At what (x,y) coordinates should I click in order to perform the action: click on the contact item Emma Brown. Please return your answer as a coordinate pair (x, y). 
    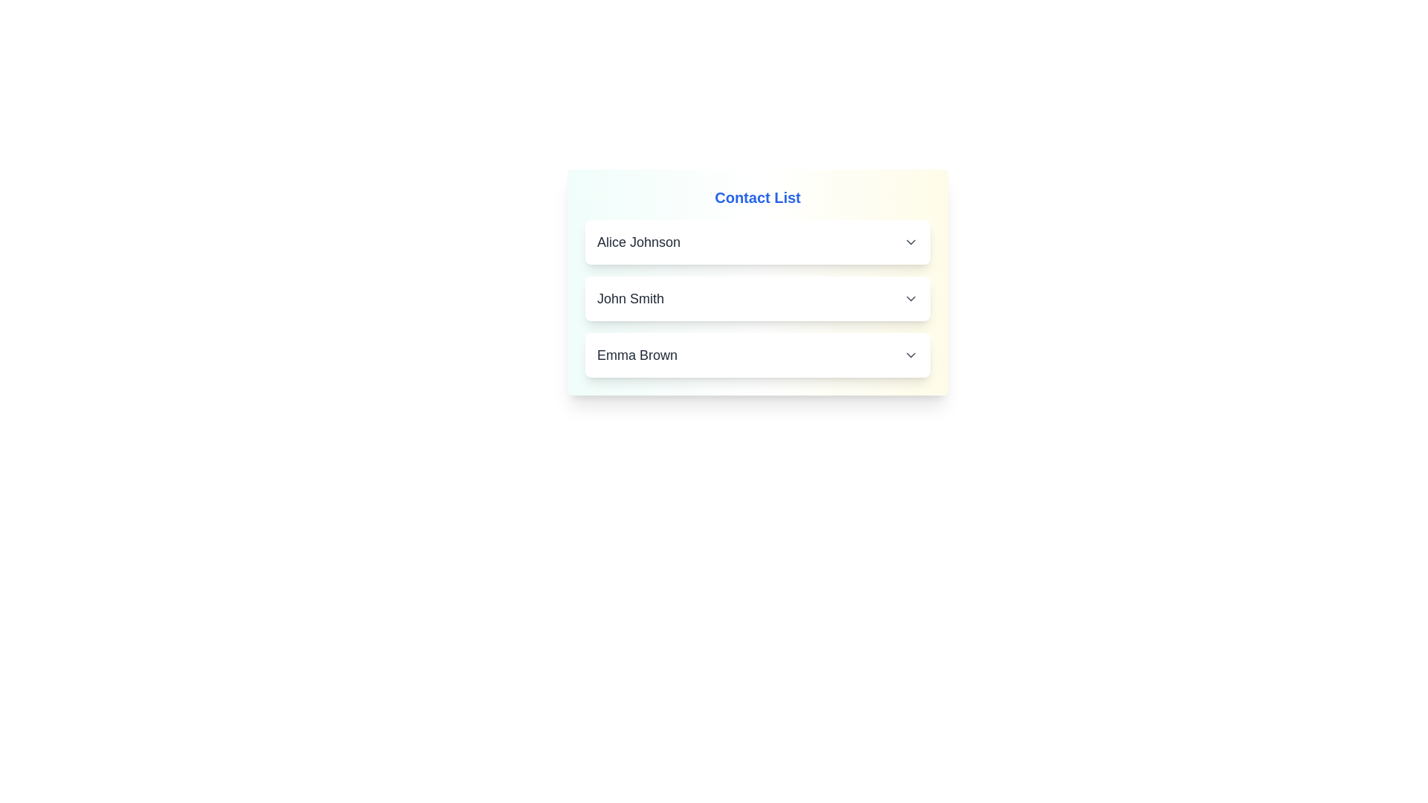
    Looking at the image, I should click on (757, 355).